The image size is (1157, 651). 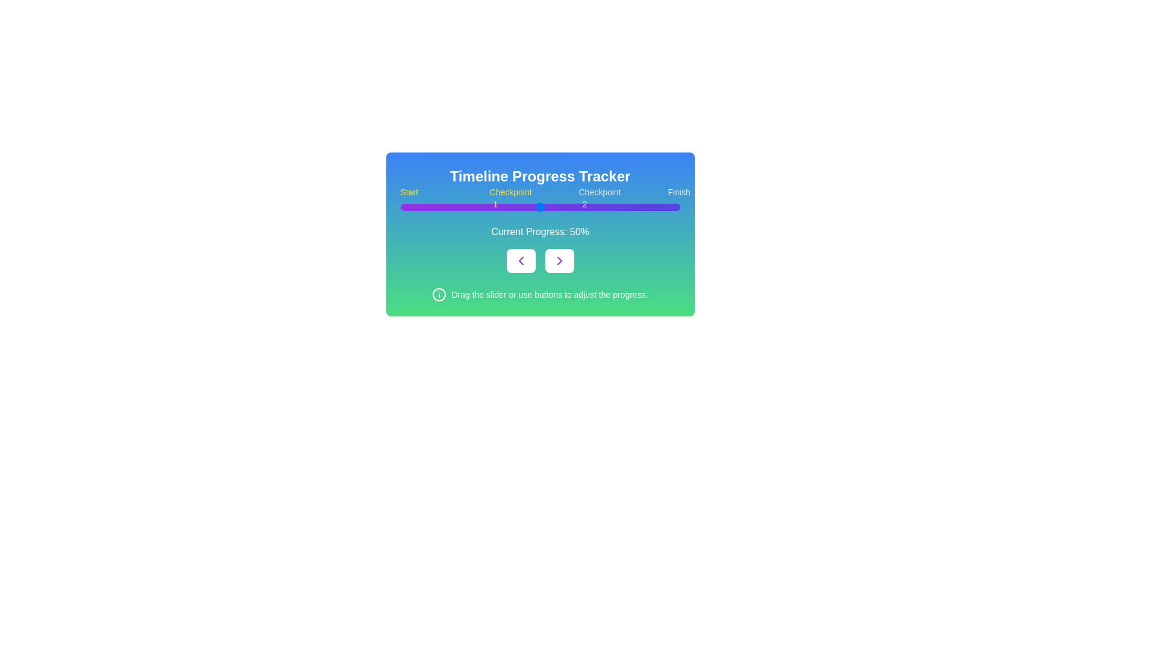 I want to click on the Informational Label marking 'Checkpoint 1' in the progress tracker timeline, which is located between 'Start' and 'Checkpoint 2', so click(x=495, y=197).